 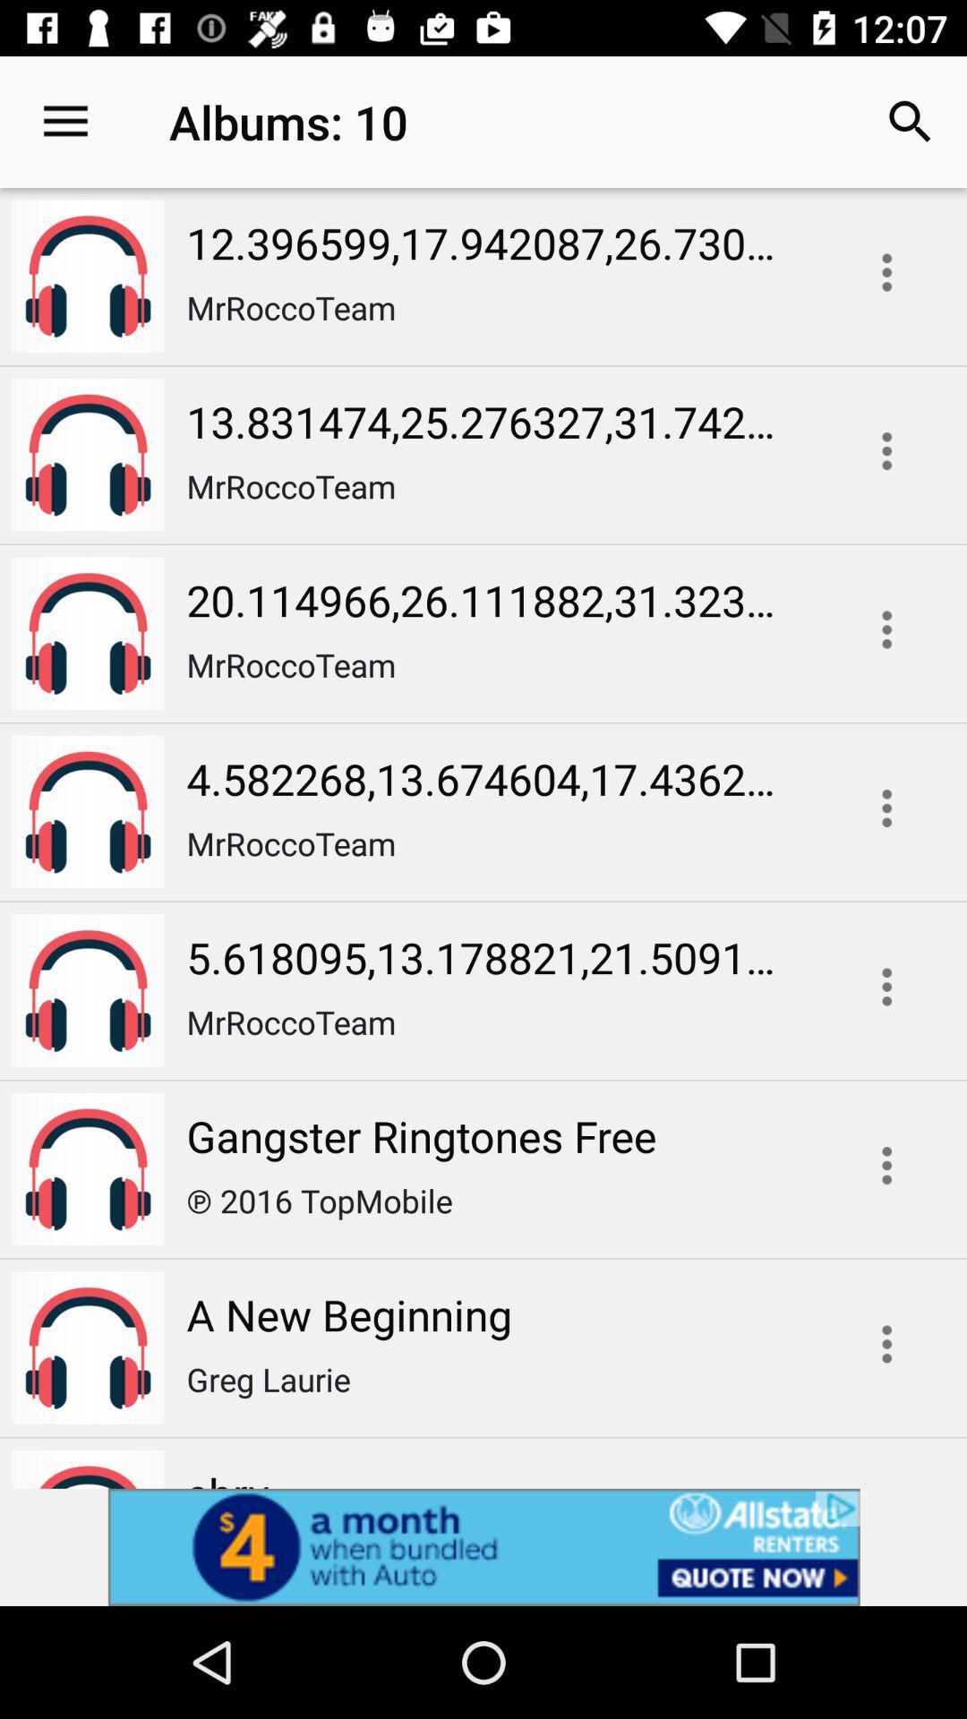 I want to click on expand information, so click(x=886, y=986).